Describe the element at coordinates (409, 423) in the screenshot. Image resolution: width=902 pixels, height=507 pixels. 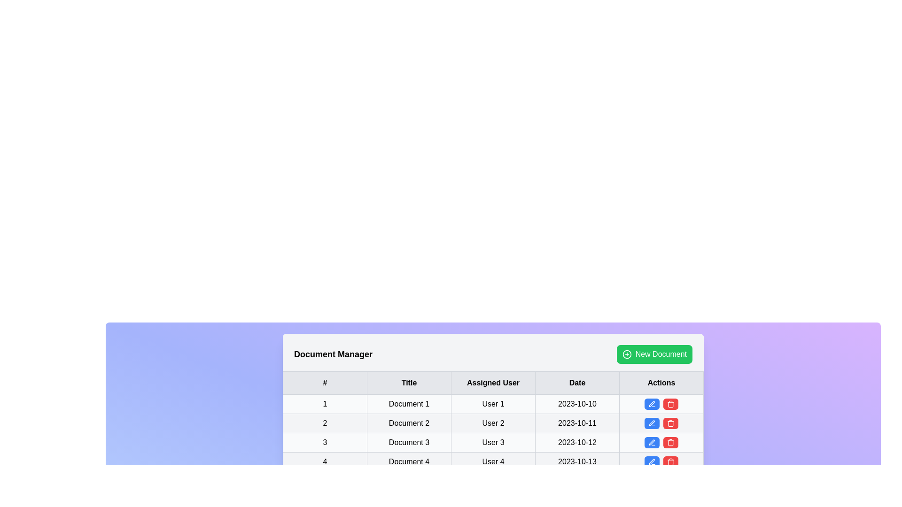
I see `text from the text field containing 'Document 2' located in the second row of the table under the 'Title' column, between the '#' and 'Assigned User' columns` at that location.